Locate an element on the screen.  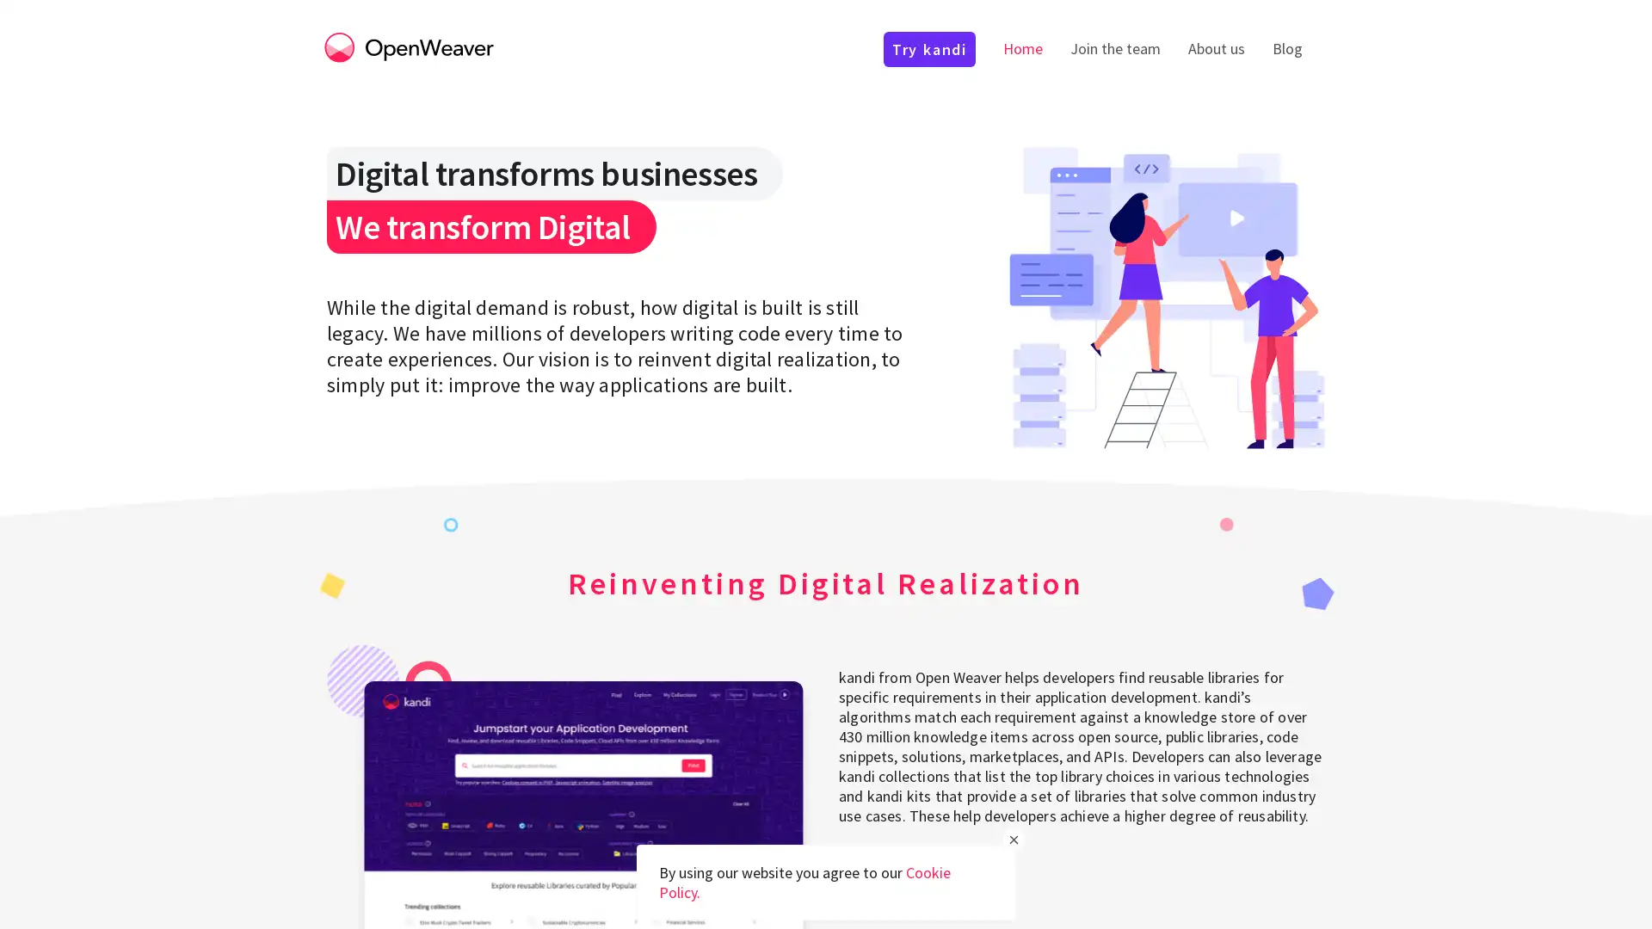
Try kandi is located at coordinates (897, 872).